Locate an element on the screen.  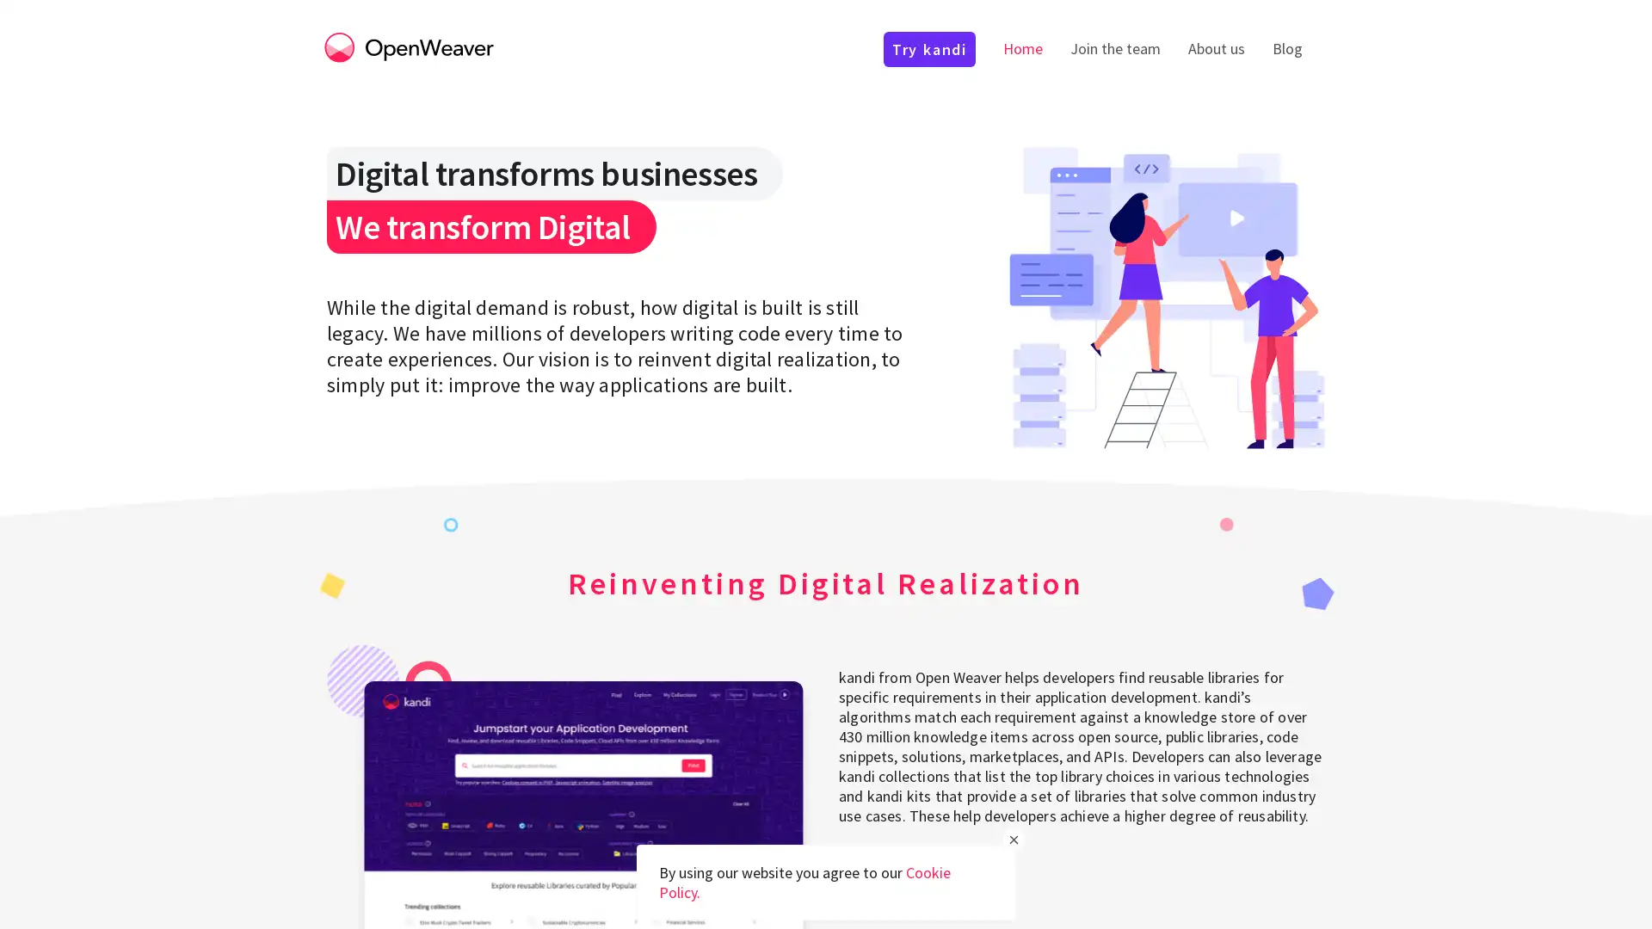
Try kandi is located at coordinates (897, 872).